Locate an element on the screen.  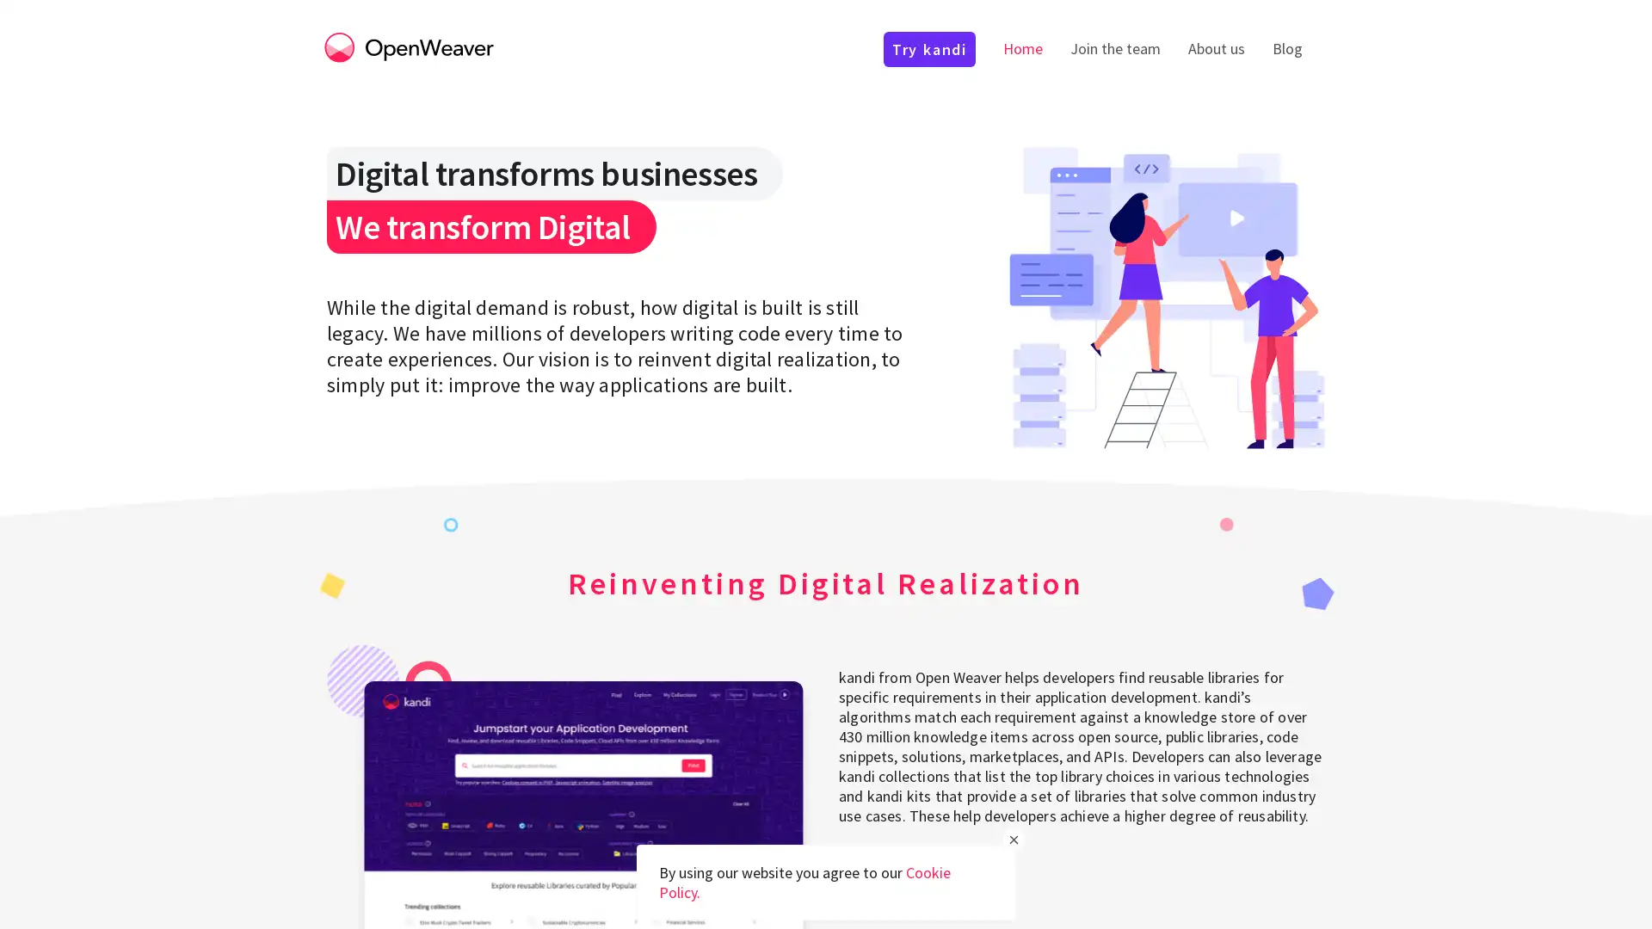
Try kandi is located at coordinates (897, 872).